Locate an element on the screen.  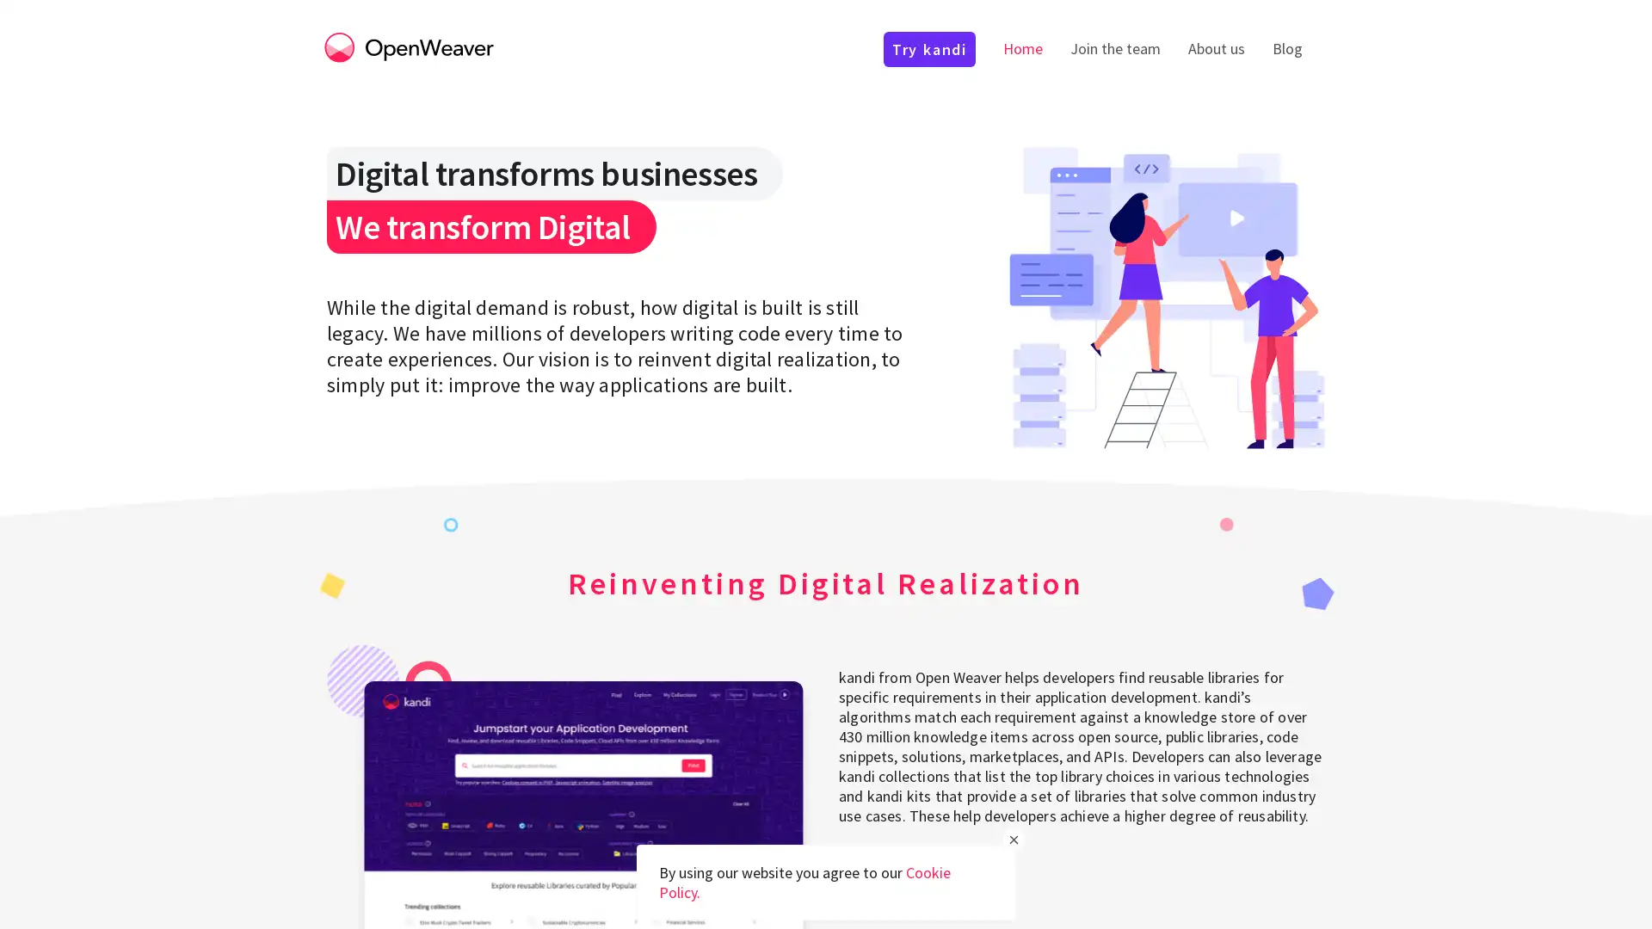
Try kandi is located at coordinates (897, 872).